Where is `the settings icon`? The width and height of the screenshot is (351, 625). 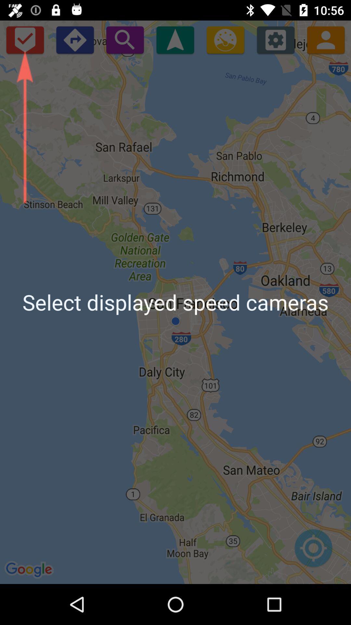
the settings icon is located at coordinates (276, 39).